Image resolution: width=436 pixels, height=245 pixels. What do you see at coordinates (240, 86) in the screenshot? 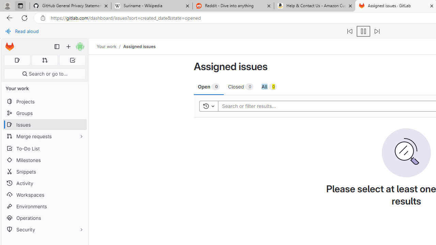
I see `'Closed 0'` at bounding box center [240, 86].